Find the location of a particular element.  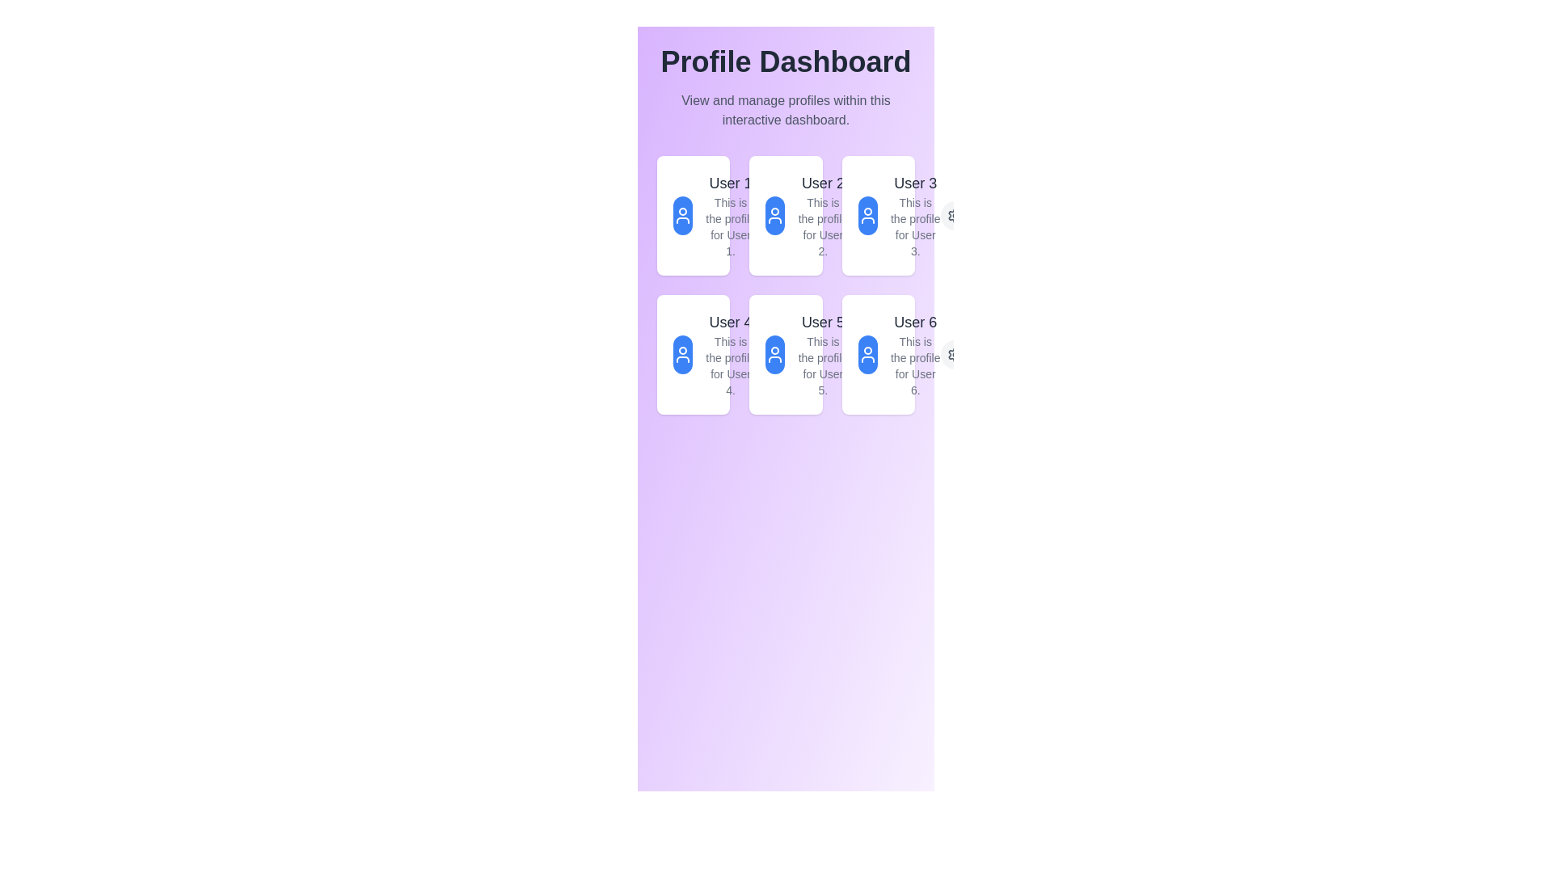

the List item representing 'User 2's profile' is located at coordinates (807, 214).